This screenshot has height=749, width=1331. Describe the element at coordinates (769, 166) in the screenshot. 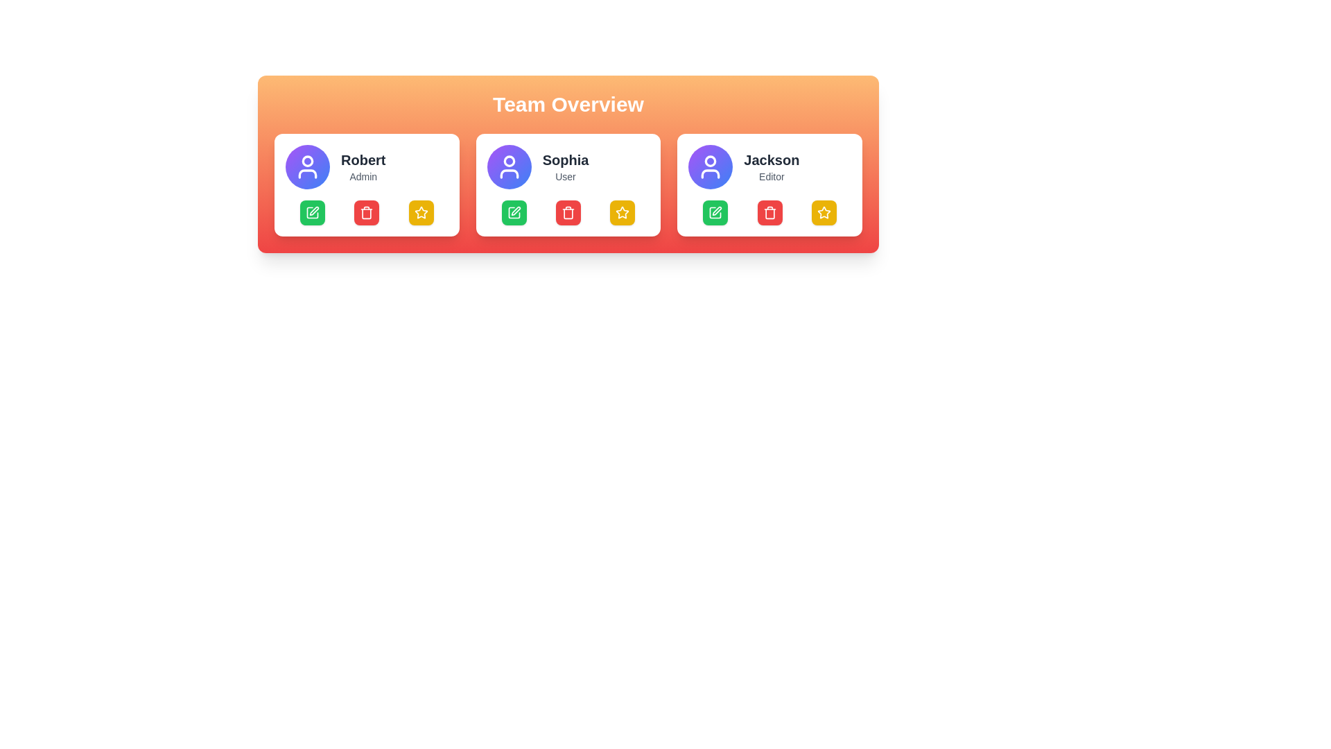

I see `the User Card Header located at the top-center of the third card from the left in the row of user cards, which displays the user's name and position` at that location.